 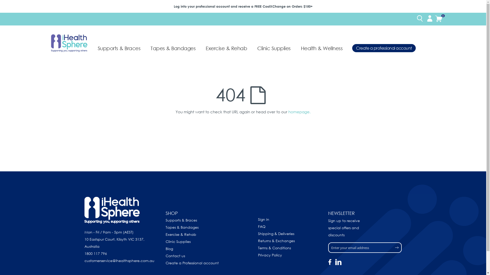 I want to click on 'Blog', so click(x=169, y=248).